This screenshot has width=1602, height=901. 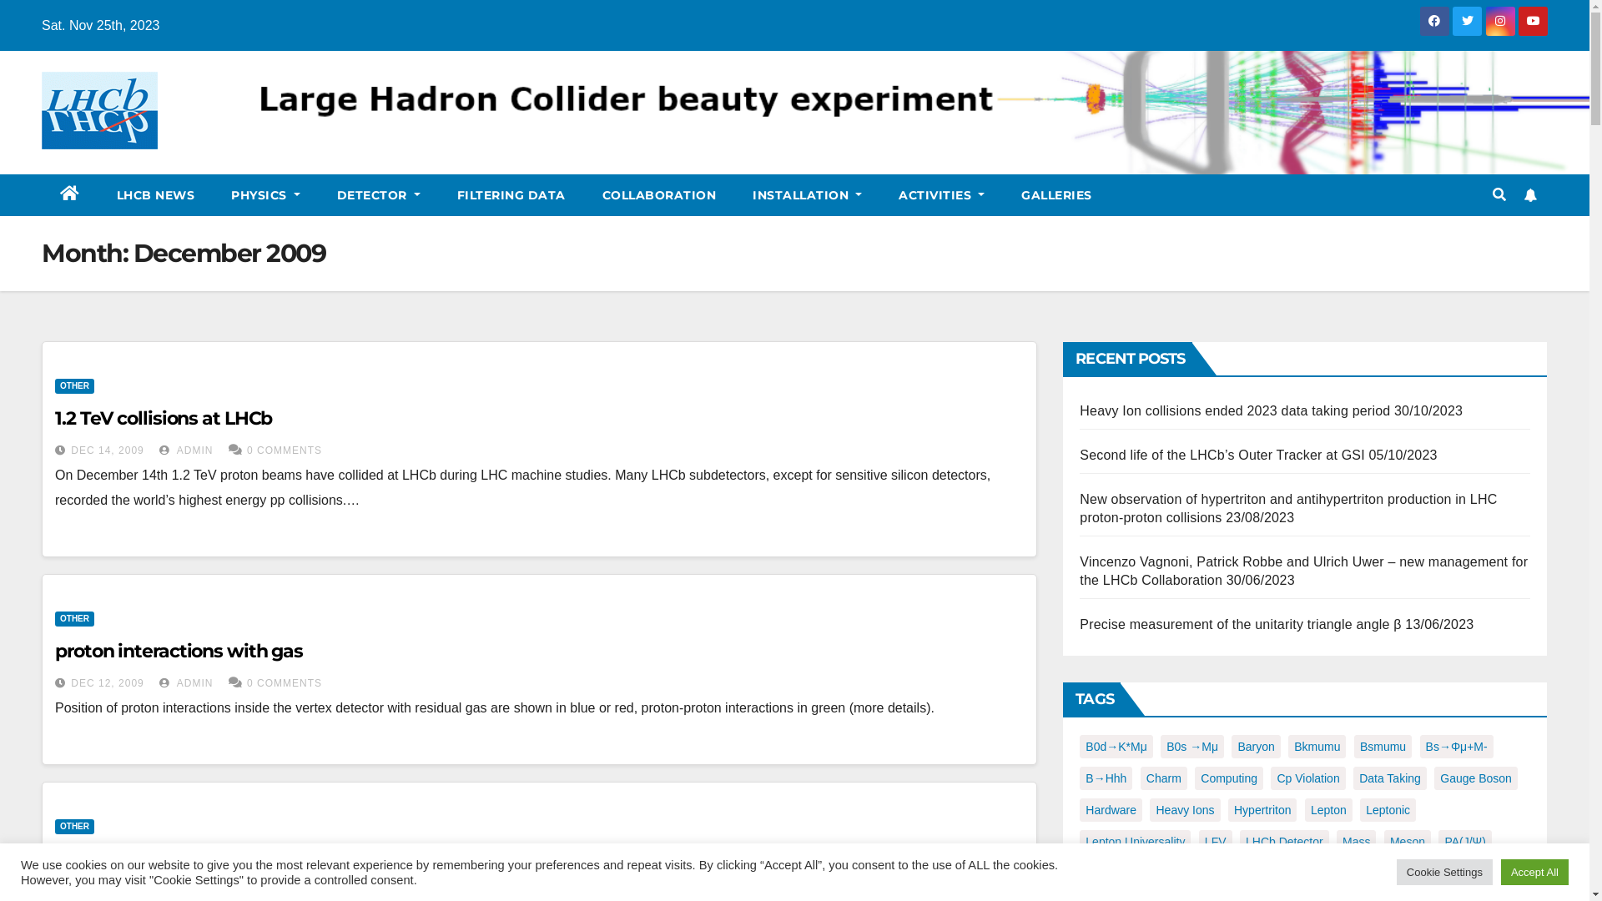 I want to click on 'LFV', so click(x=1216, y=842).